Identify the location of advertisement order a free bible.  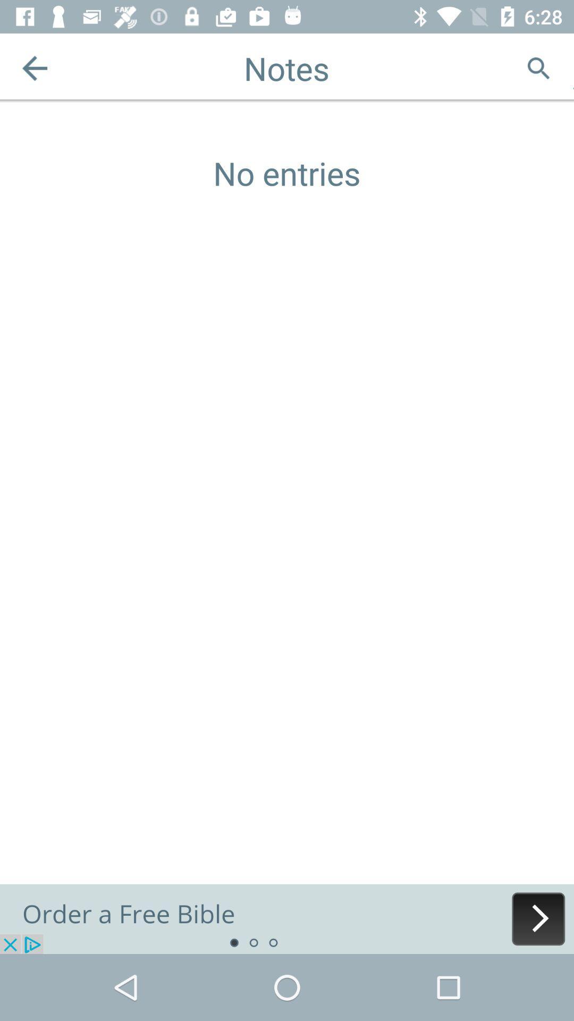
(287, 918).